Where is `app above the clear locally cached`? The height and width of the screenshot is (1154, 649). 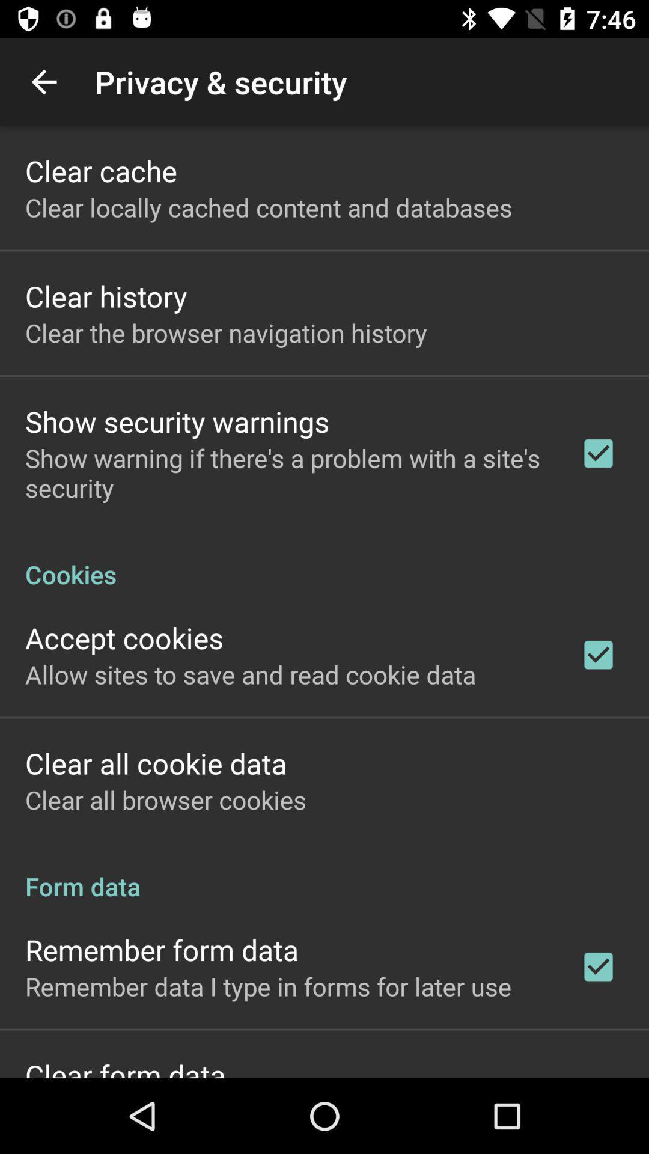 app above the clear locally cached is located at coordinates (100, 170).